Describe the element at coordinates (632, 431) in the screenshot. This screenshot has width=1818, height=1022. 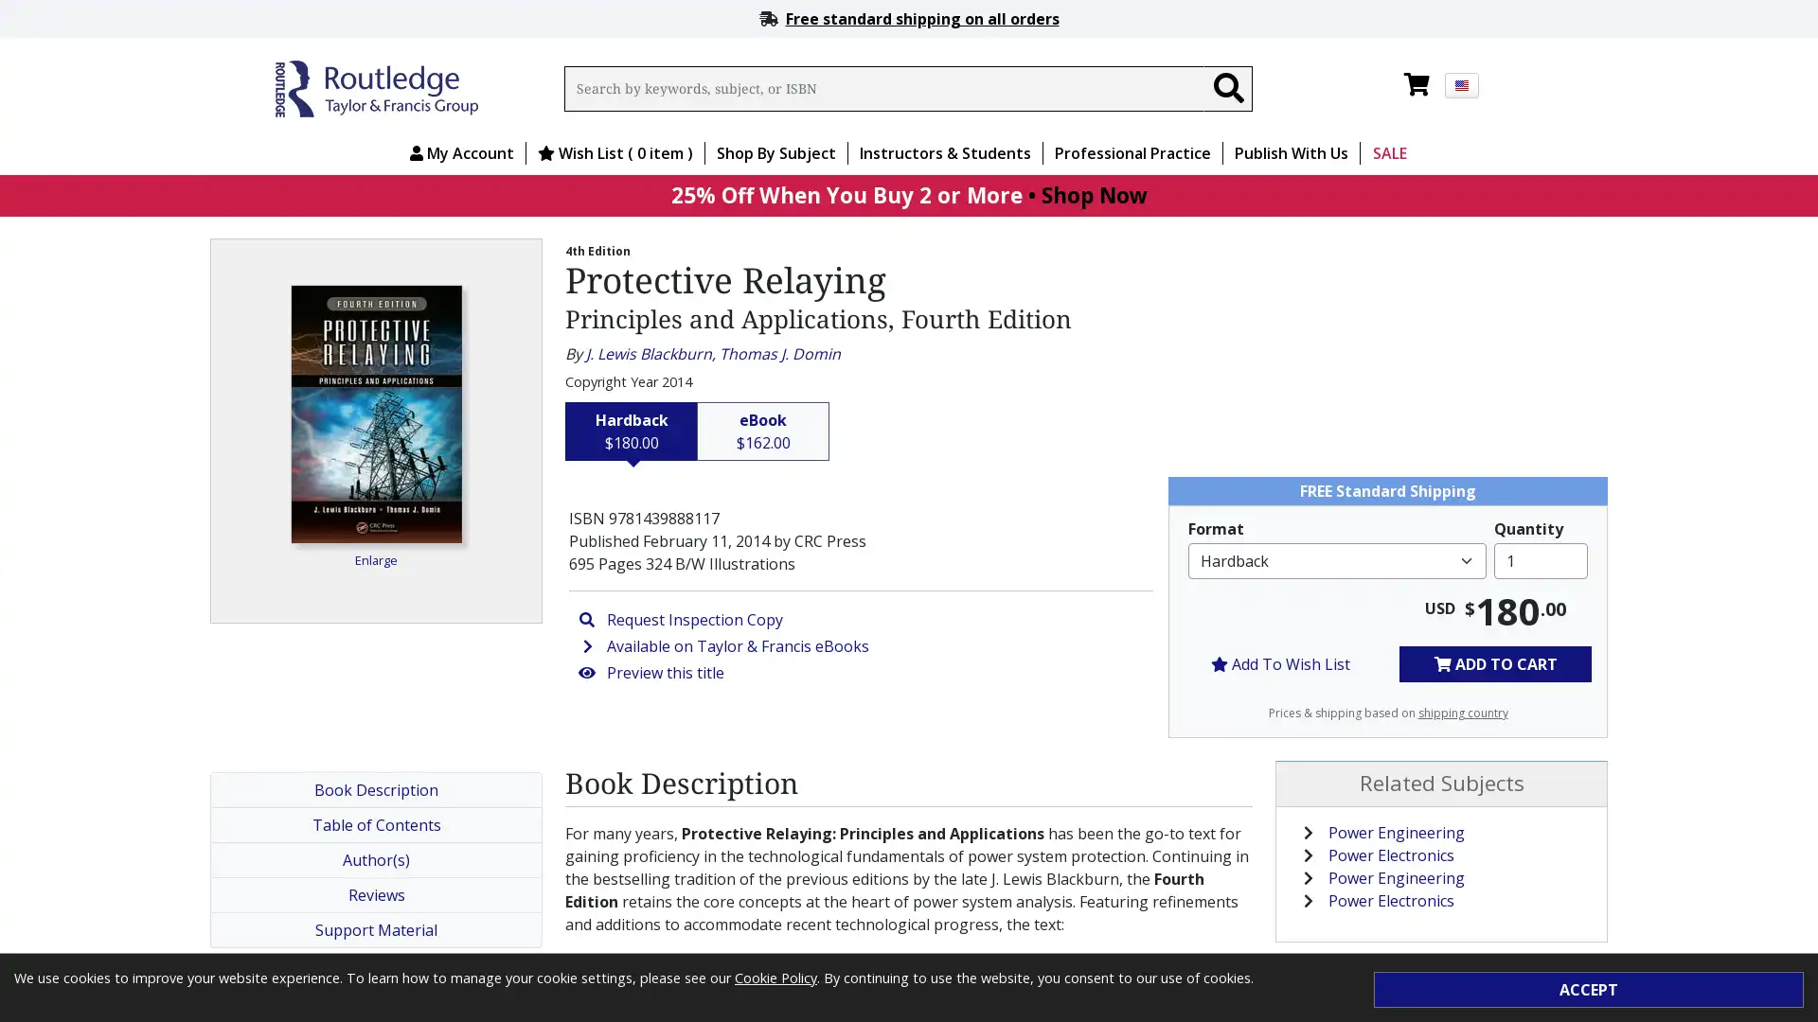
I see `Hardback $180.00` at that location.